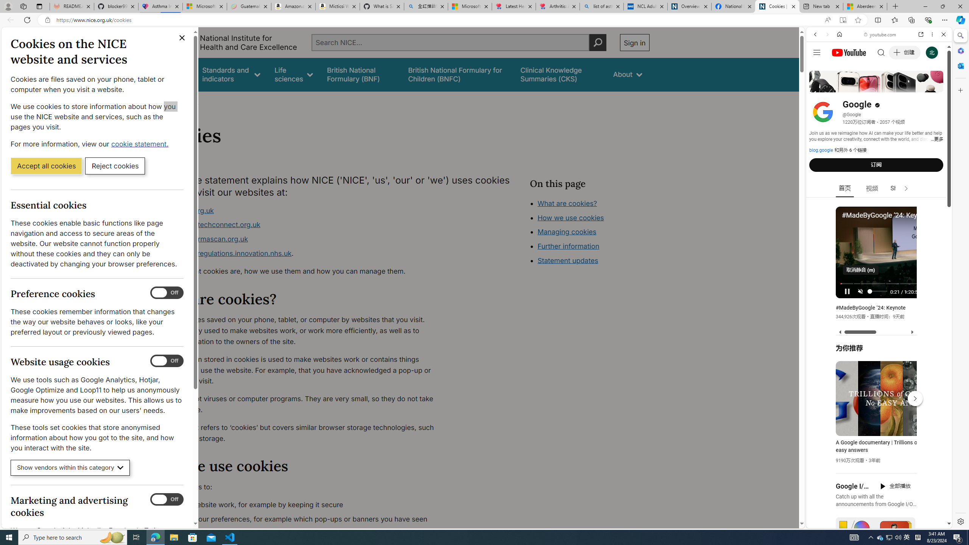 This screenshot has width=969, height=545. What do you see at coordinates (173, 74) in the screenshot?
I see `'Guidance'` at bounding box center [173, 74].